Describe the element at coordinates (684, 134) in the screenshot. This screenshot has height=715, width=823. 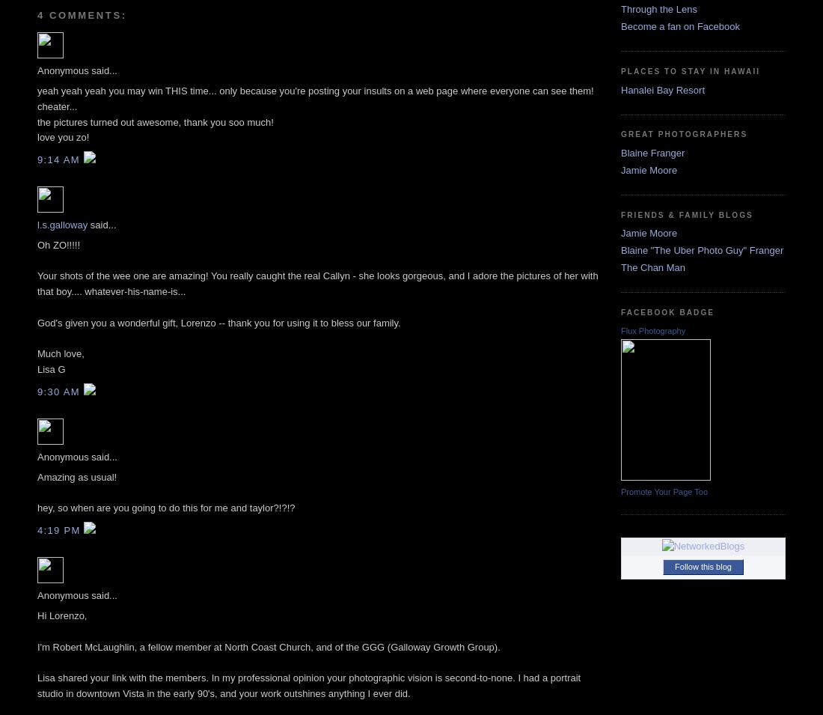
I see `'Great Photographers'` at that location.